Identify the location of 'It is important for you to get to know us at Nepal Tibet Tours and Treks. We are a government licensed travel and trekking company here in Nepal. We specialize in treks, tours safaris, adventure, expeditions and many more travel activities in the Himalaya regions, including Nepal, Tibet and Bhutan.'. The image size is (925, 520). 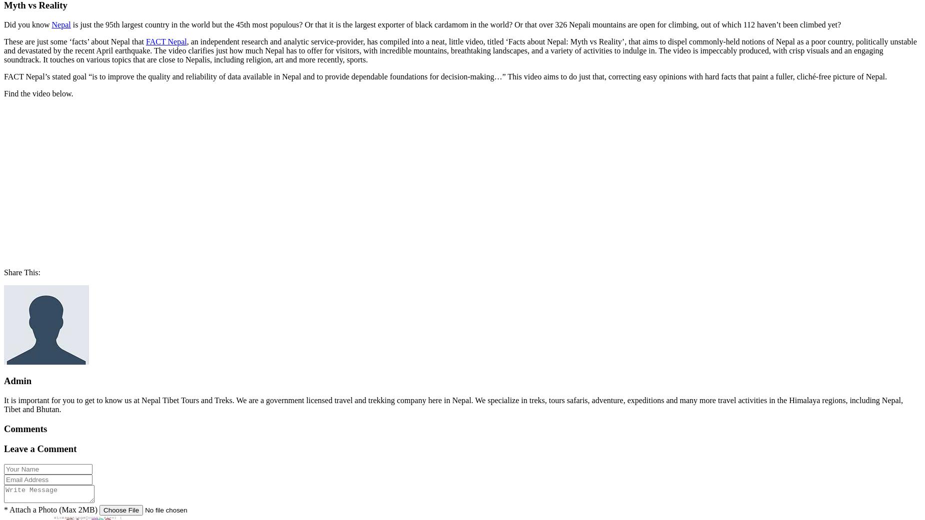
(453, 405).